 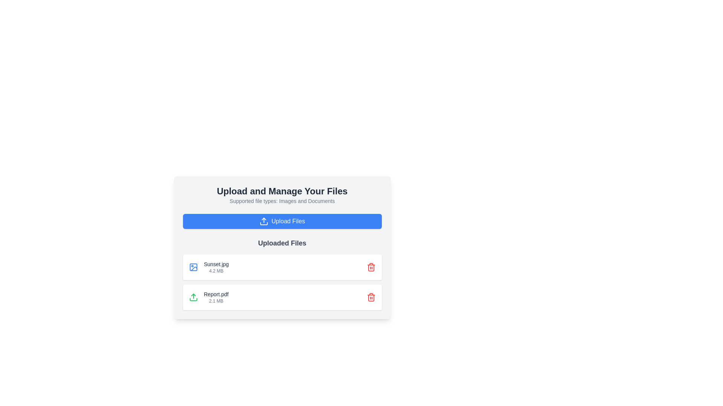 I want to click on the 'Report.pdf' file item in the uploaded files list, so click(x=209, y=297).